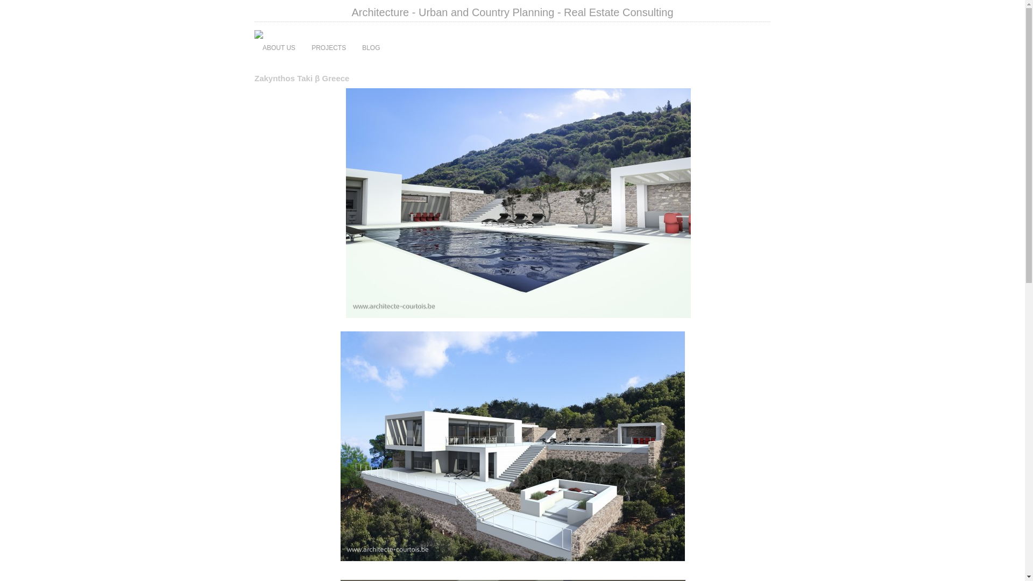 Image resolution: width=1033 pixels, height=581 pixels. Describe the element at coordinates (279, 47) in the screenshot. I see `'ABOUT US'` at that location.